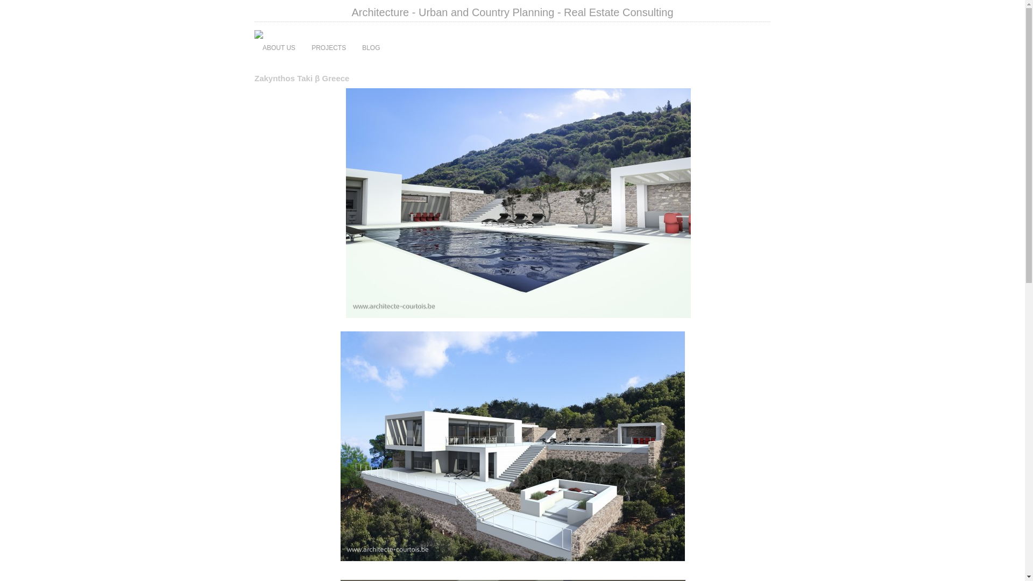 Image resolution: width=1033 pixels, height=581 pixels. Describe the element at coordinates (279, 47) in the screenshot. I see `'ABOUT US'` at that location.